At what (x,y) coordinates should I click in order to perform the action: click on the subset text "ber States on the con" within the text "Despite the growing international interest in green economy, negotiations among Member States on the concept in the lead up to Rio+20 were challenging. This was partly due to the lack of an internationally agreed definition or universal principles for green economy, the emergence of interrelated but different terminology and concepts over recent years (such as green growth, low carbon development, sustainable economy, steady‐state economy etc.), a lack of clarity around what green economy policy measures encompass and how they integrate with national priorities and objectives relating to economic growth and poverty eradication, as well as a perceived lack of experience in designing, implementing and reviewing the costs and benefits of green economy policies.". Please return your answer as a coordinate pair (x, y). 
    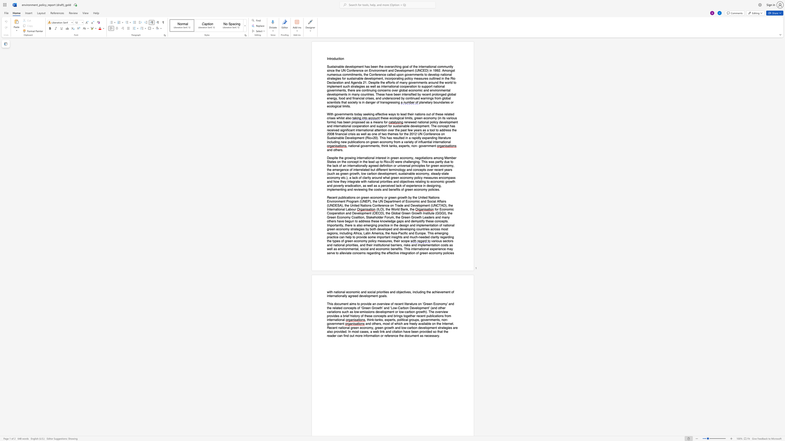
    Looking at the image, I should click on (451, 157).